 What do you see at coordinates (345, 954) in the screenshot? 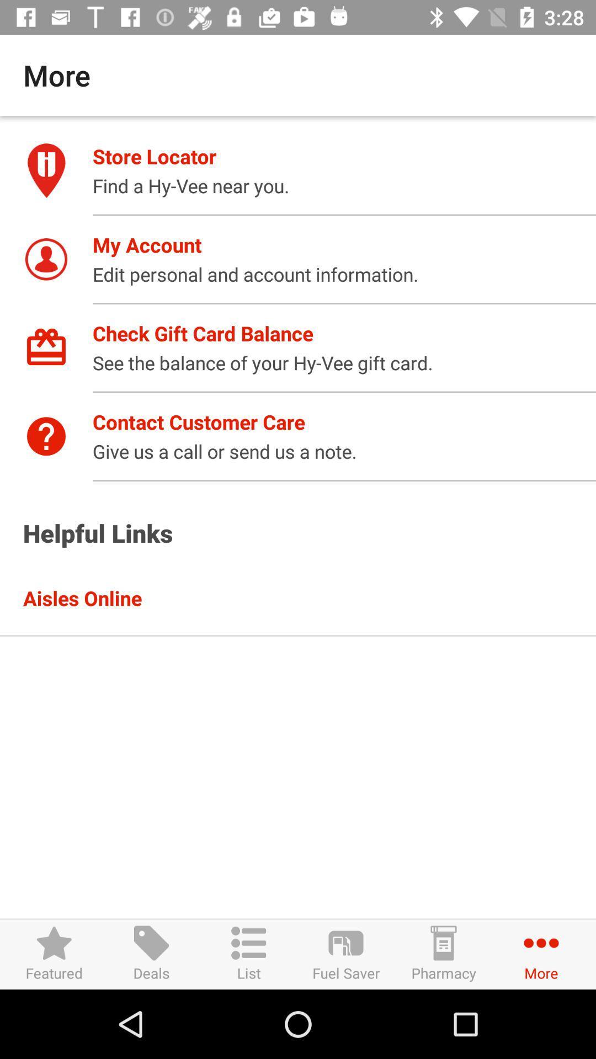
I see `item next to list item` at bounding box center [345, 954].